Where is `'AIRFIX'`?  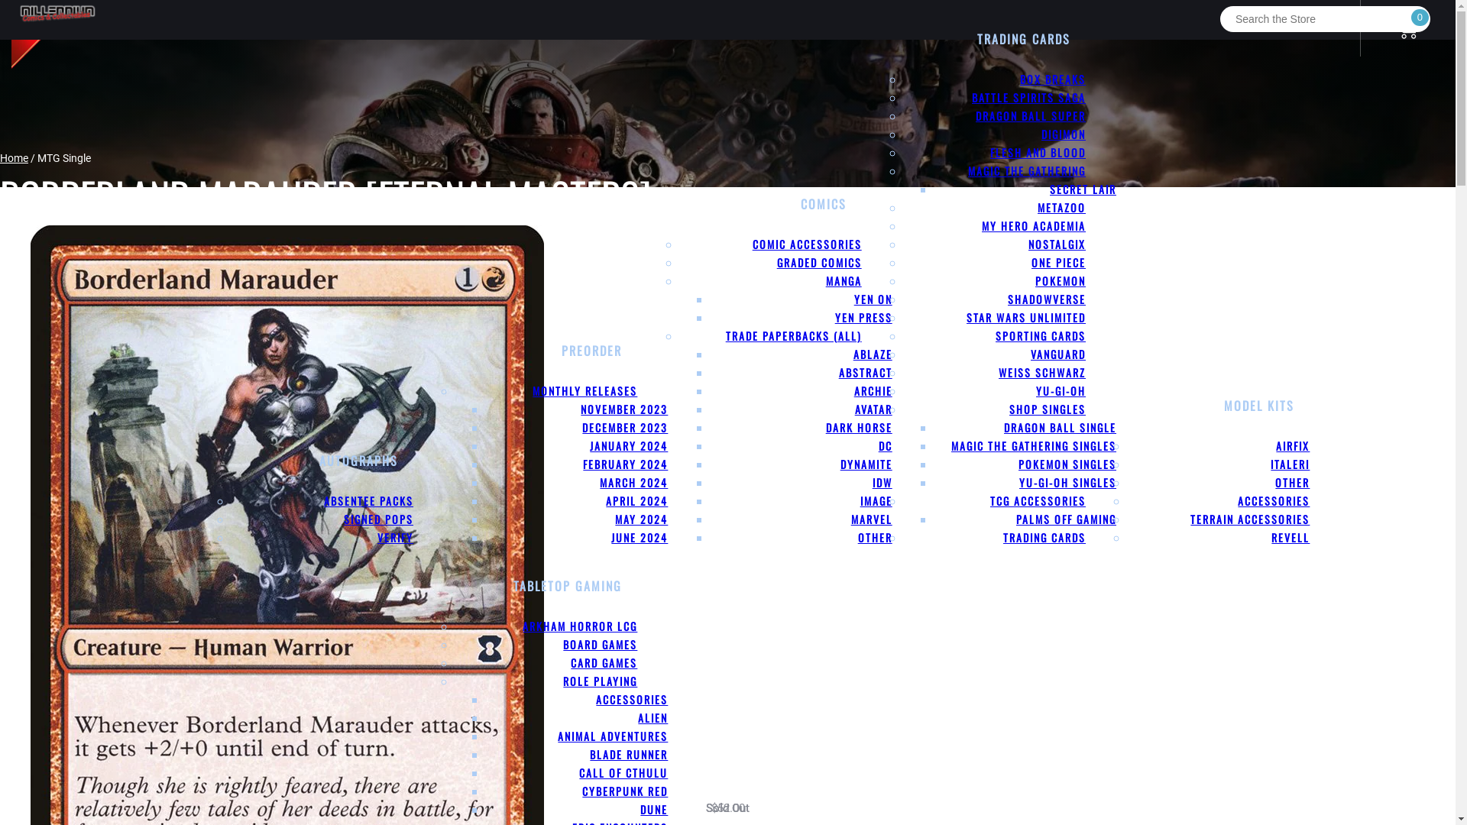 'AIRFIX' is located at coordinates (1291, 445).